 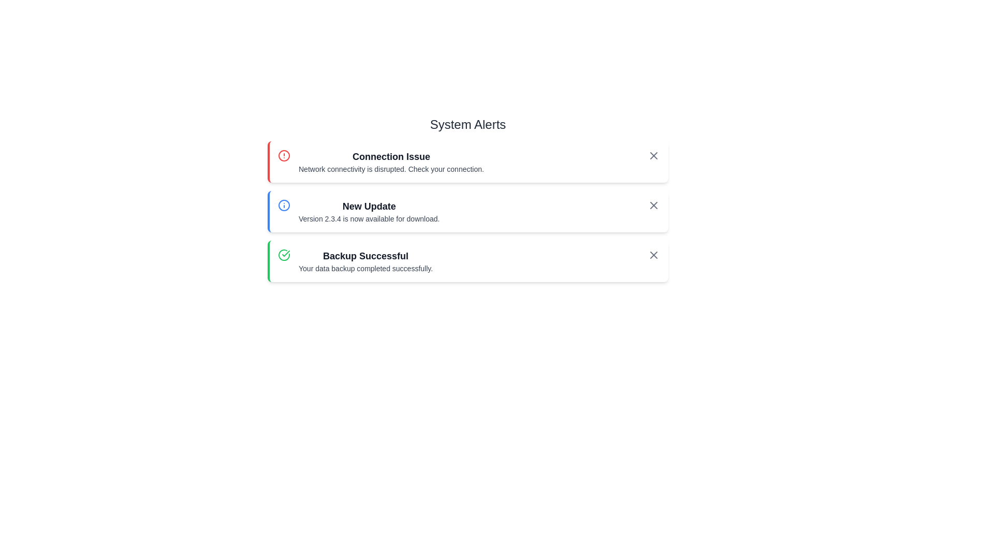 I want to click on the text label displaying the message 'Network connectivity is disrupted. Check your connection.' located beneath the heading 'Connection Issue' in the topmost notification section, so click(x=390, y=169).